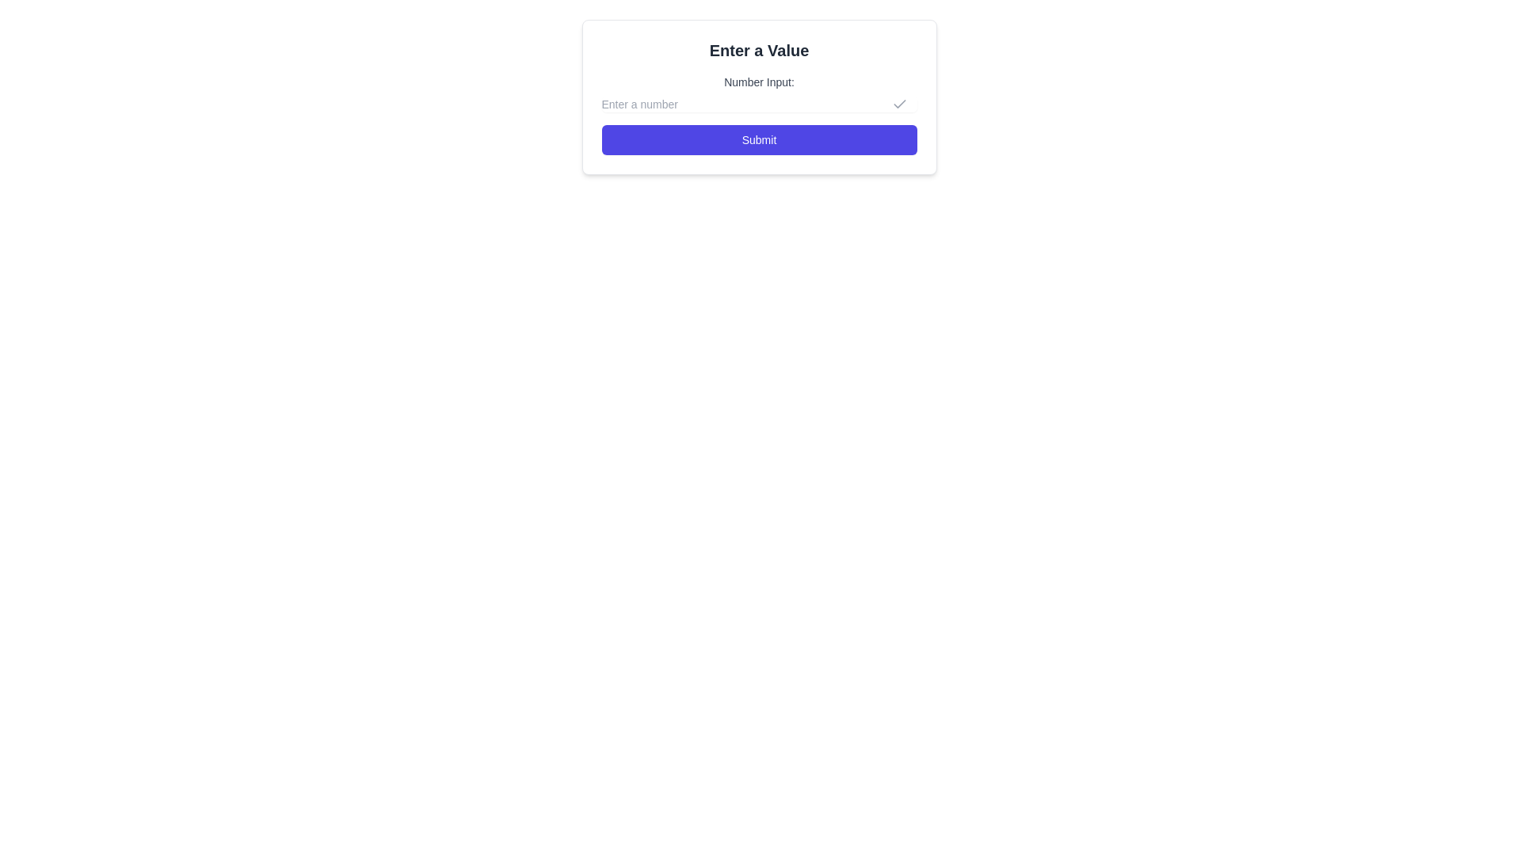  What do you see at coordinates (899, 104) in the screenshot?
I see `the icon that visually confirms a correct or valid state for the associated input next to the 'Enter a number' text input field` at bounding box center [899, 104].